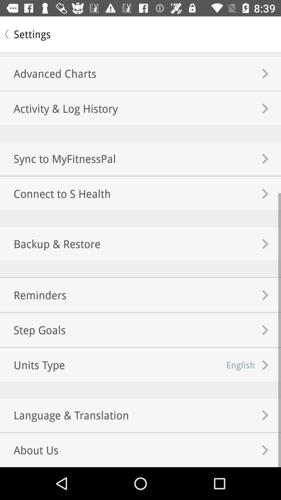 The height and width of the screenshot is (500, 281). Describe the element at coordinates (241, 365) in the screenshot. I see `icon to the right of the step goals` at that location.